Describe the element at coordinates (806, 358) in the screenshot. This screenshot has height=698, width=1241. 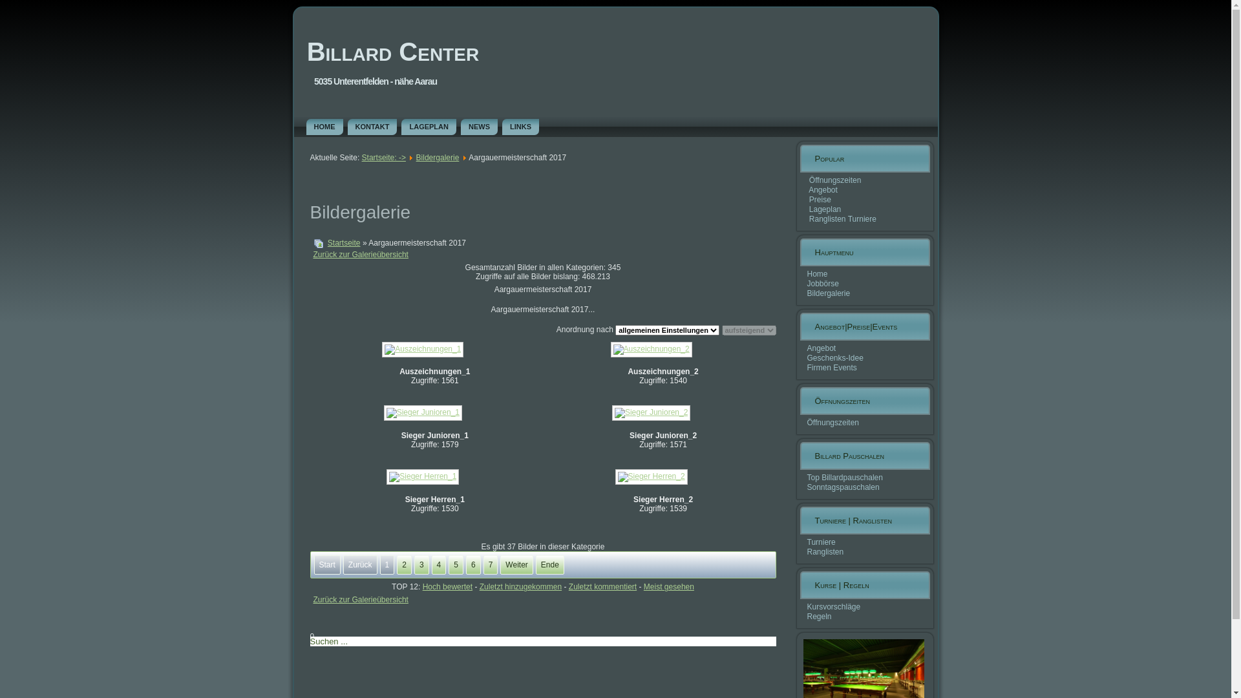
I see `'Geschenks-Idee'` at that location.